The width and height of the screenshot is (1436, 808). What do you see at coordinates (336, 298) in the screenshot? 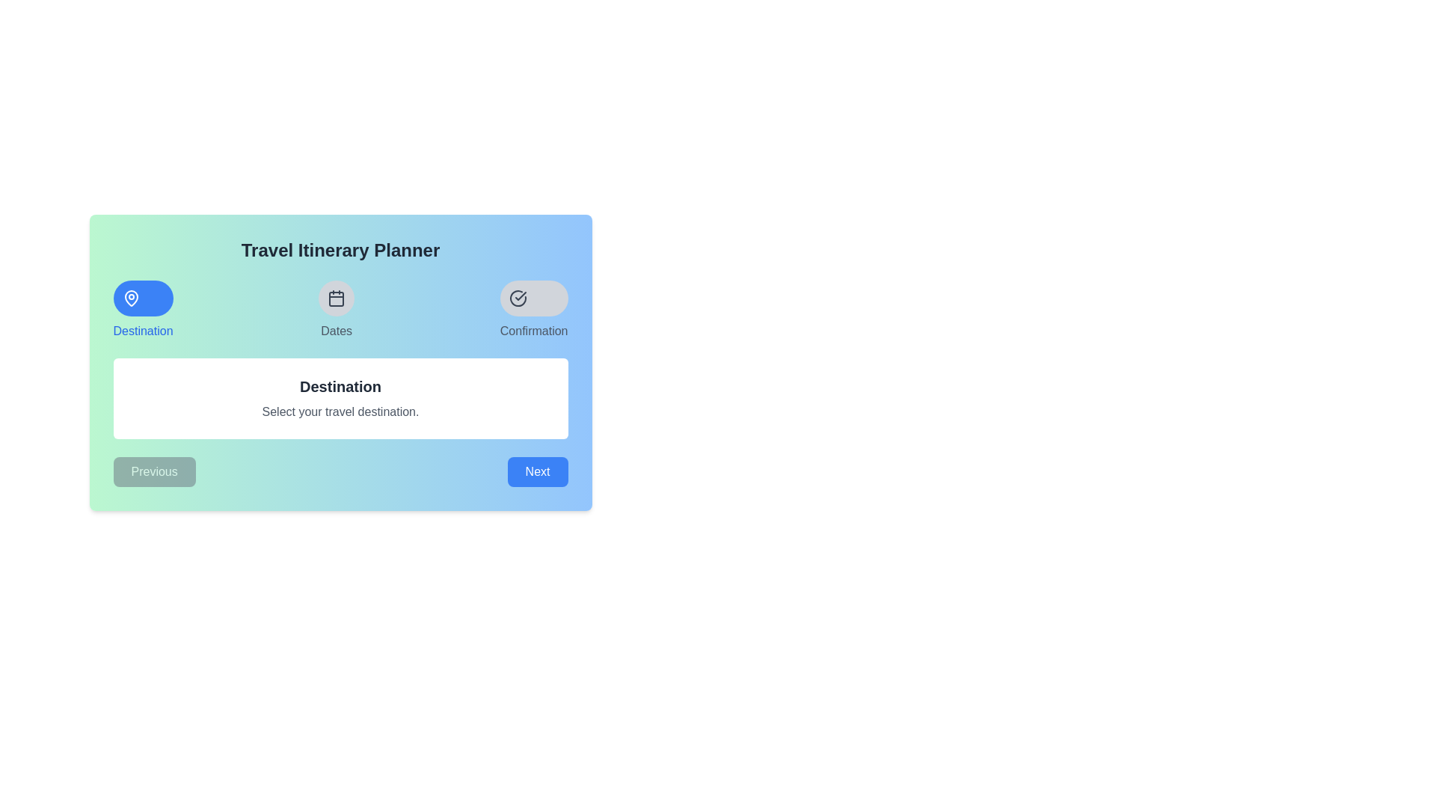
I see `the 'Dates' icon in the travel itinerary planning process, which is positioned between the 'Destination' icon on the left and the 'Confirmation' icon on the right` at bounding box center [336, 298].